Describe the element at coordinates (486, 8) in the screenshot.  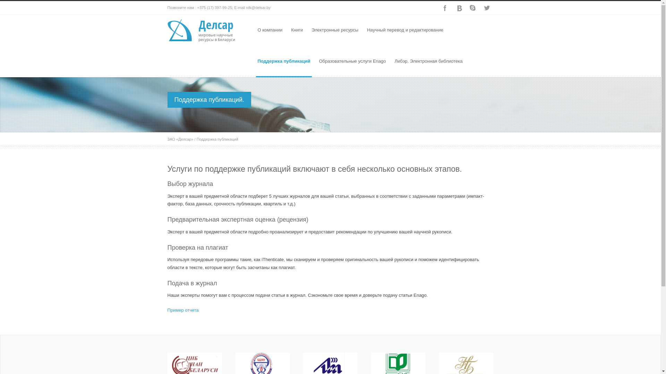
I see `'Twitter'` at that location.